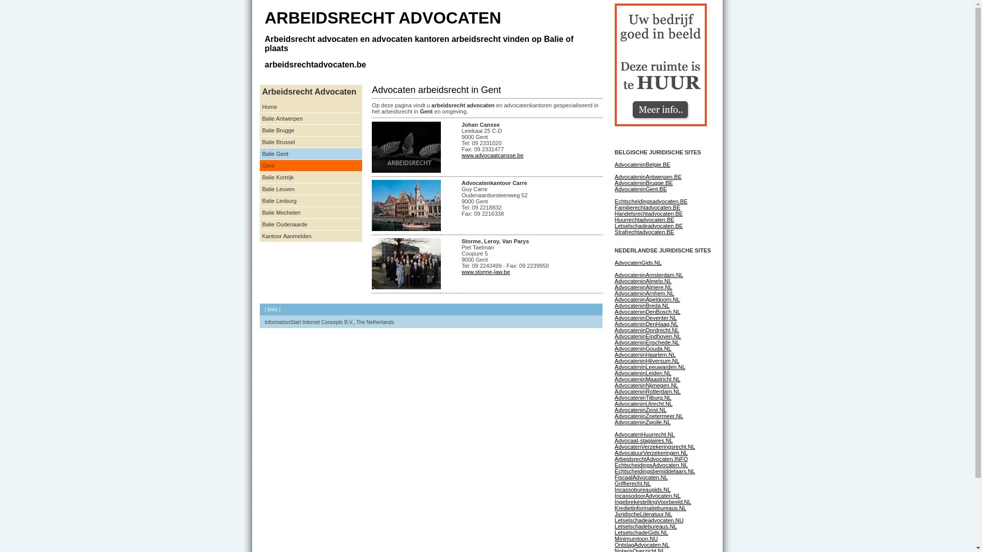  I want to click on 'AdvocateninZeist.NL', so click(640, 409).